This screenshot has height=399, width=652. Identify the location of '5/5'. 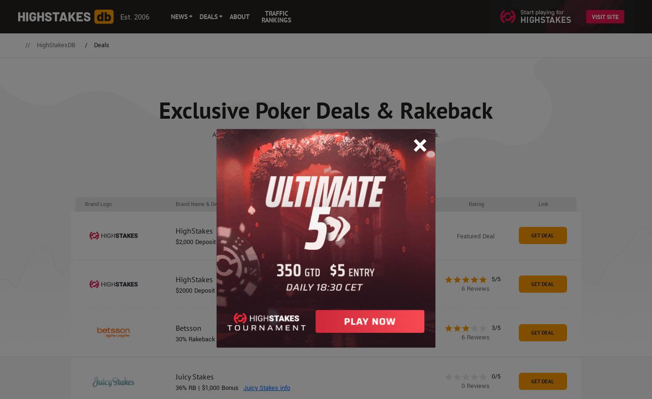
(495, 279).